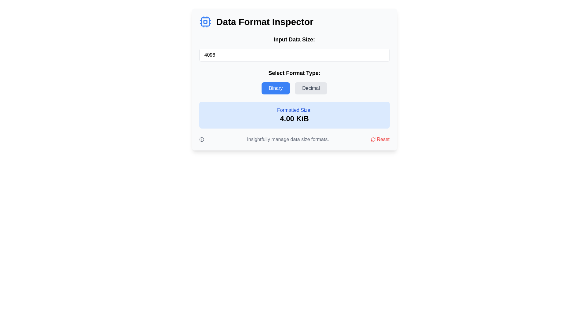 This screenshot has height=329, width=586. I want to click on the small circular icon with an 'i' symbol, located to the left of the caption 'Insightfully manage data size formats.', so click(201, 140).